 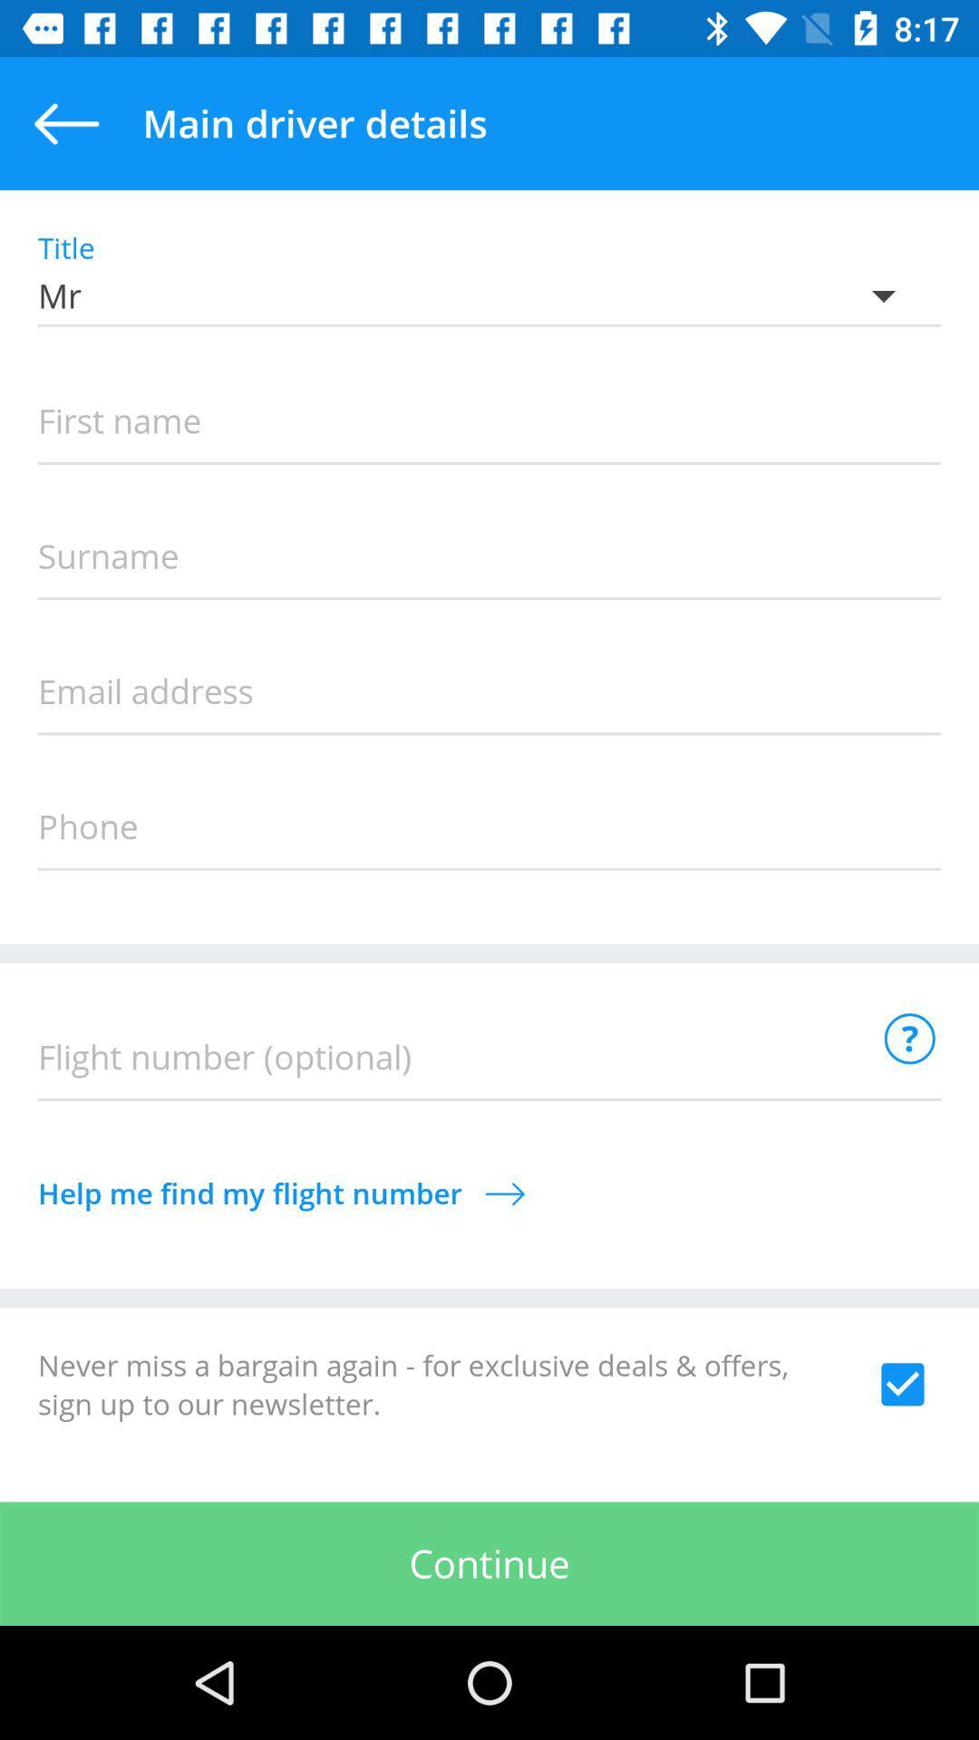 I want to click on name box, so click(x=489, y=421).